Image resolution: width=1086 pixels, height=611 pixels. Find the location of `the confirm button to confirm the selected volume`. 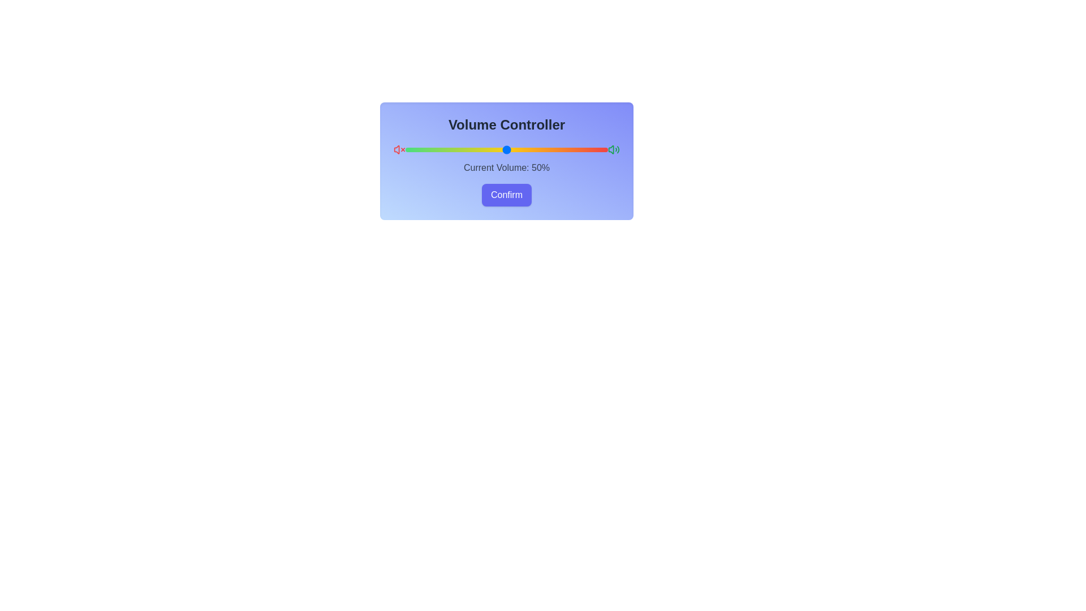

the confirm button to confirm the selected volume is located at coordinates (506, 194).